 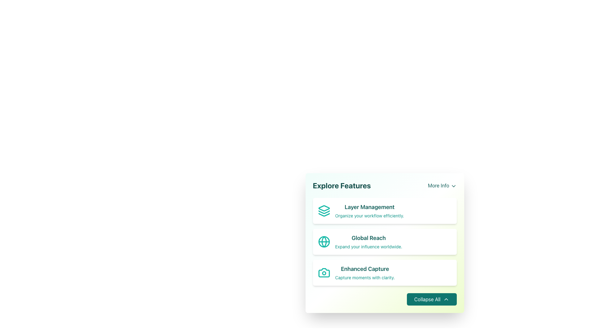 What do you see at coordinates (324, 242) in the screenshot?
I see `the 'Global Reach' icon, which visually represents the global influence or connectivity feature, positioned to the left of the 'Global Reach' text` at bounding box center [324, 242].